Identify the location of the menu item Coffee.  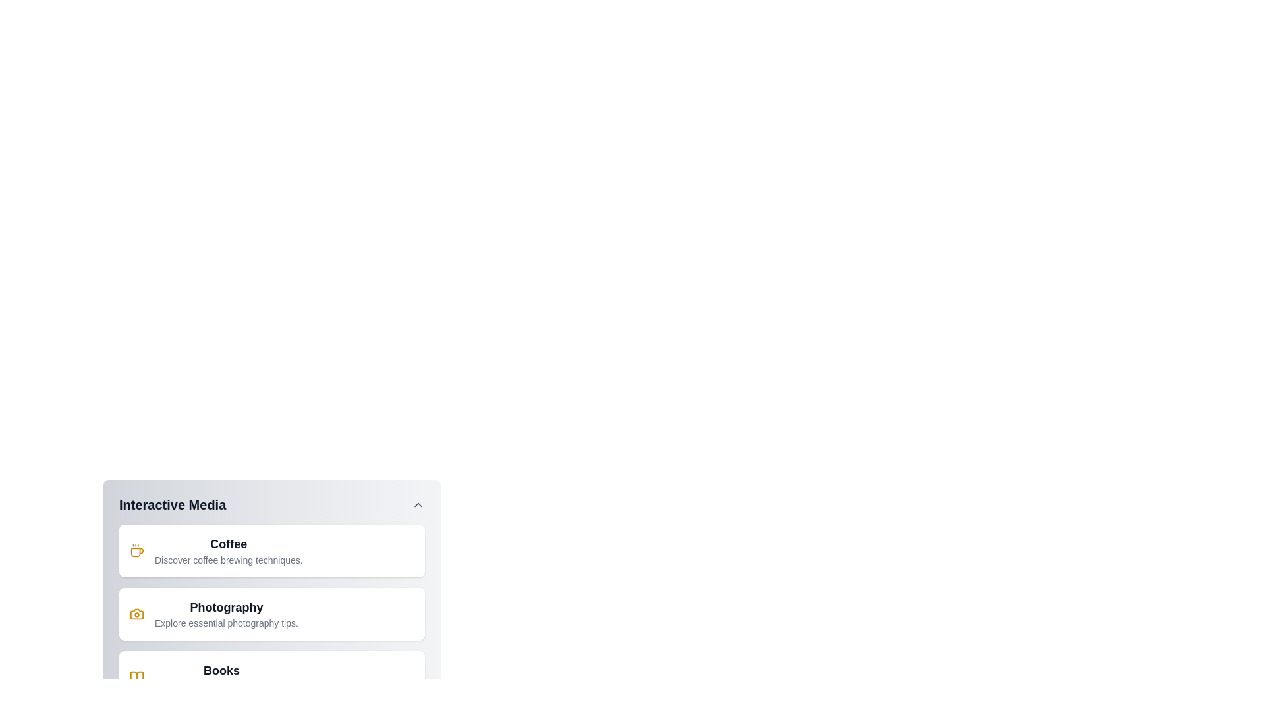
(271, 551).